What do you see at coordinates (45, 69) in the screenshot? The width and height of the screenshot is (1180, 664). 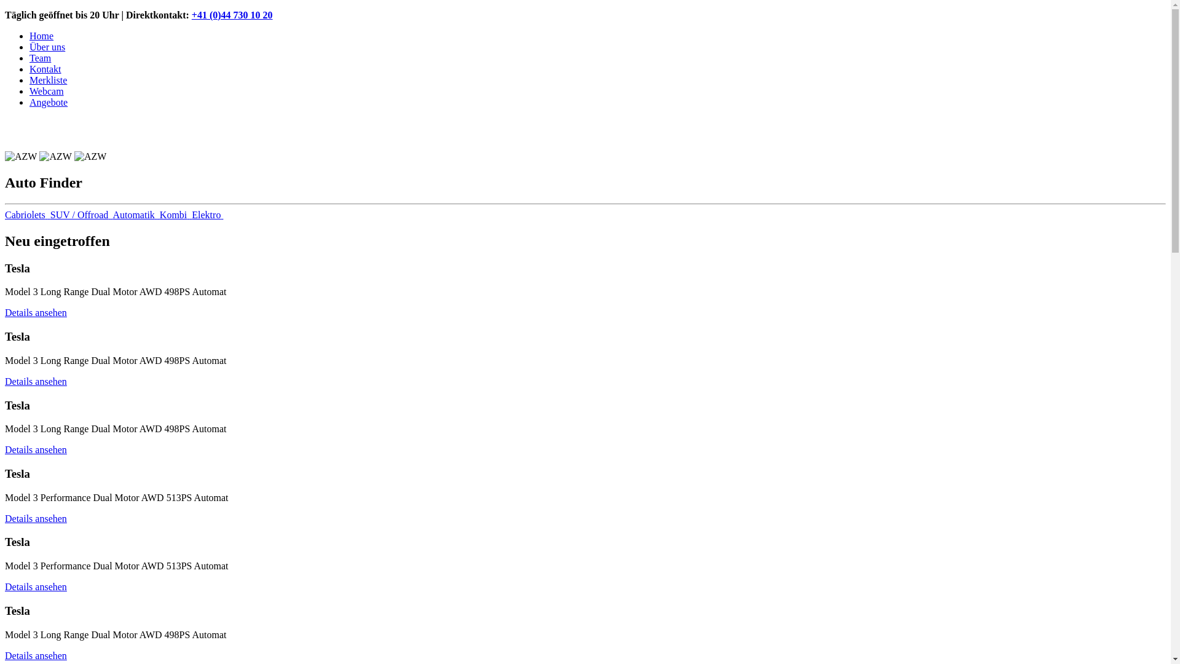 I see `'Kontakt'` at bounding box center [45, 69].